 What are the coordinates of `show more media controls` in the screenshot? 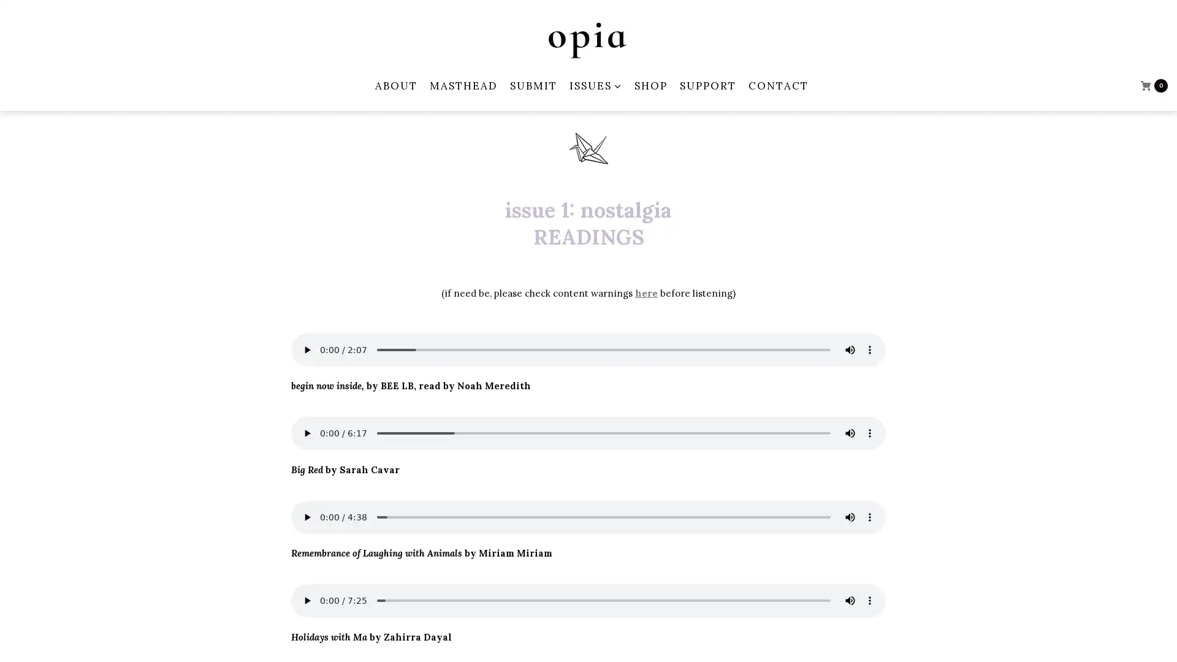 It's located at (869, 599).